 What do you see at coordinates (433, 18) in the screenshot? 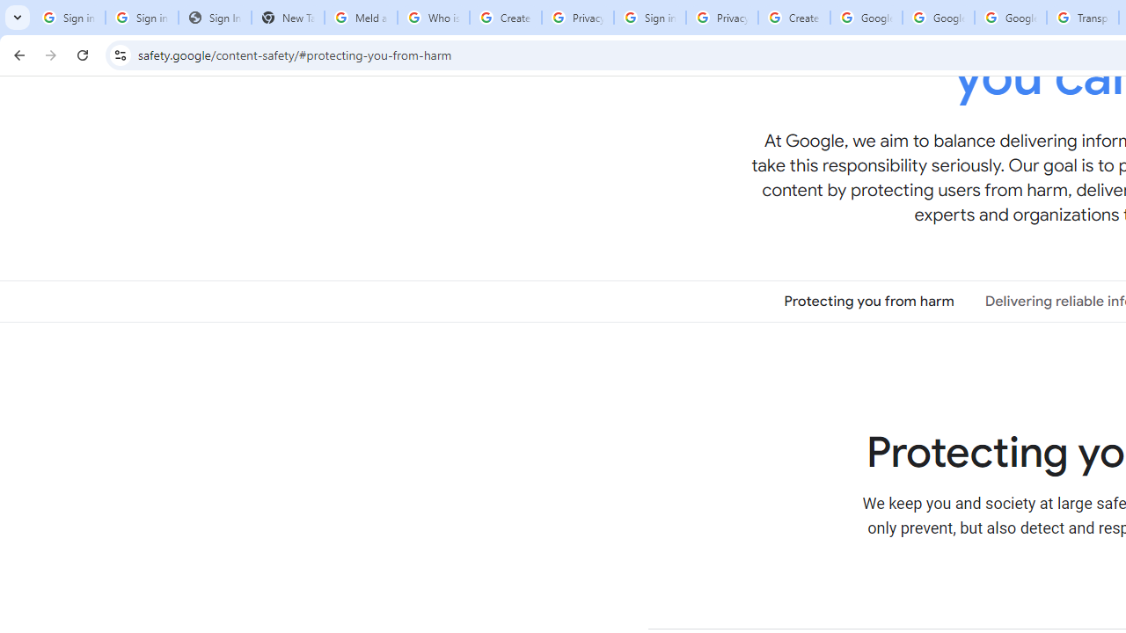
I see `'Who is my administrator? - Google Account Help'` at bounding box center [433, 18].